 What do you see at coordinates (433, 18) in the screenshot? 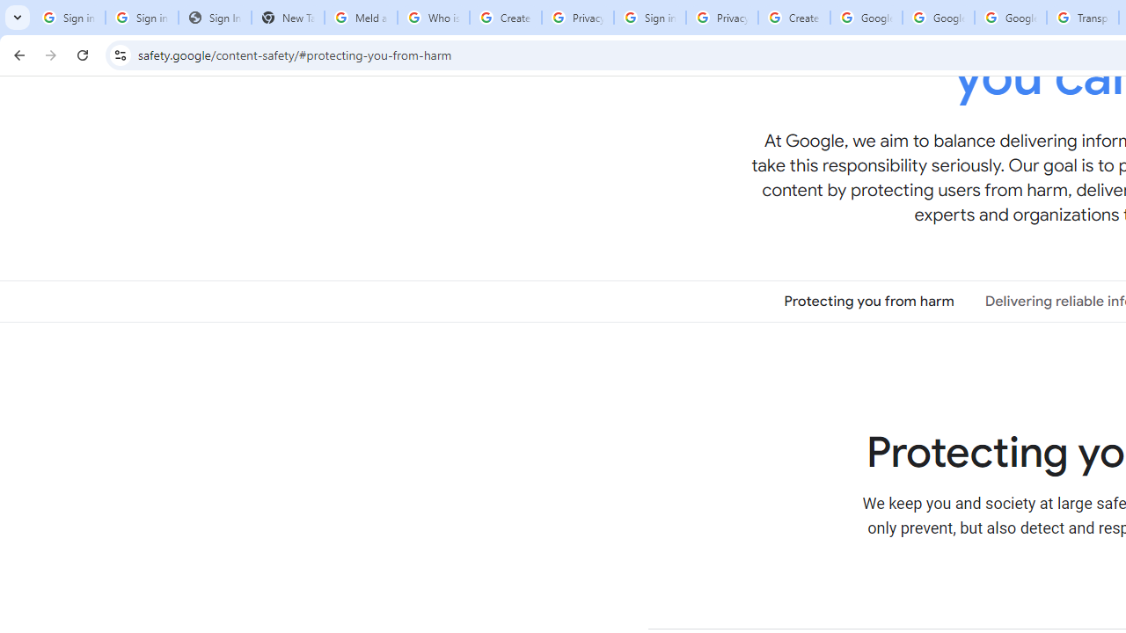
I see `'Who is my administrator? - Google Account Help'` at bounding box center [433, 18].